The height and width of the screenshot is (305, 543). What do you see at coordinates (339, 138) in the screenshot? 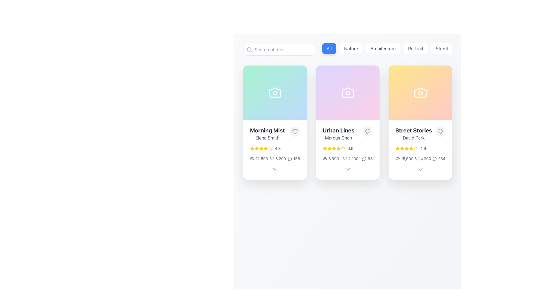
I see `the text label displaying 'Marcus Chen', which is positioned below 'Urban Lines' in the second column of the grid layout` at bounding box center [339, 138].